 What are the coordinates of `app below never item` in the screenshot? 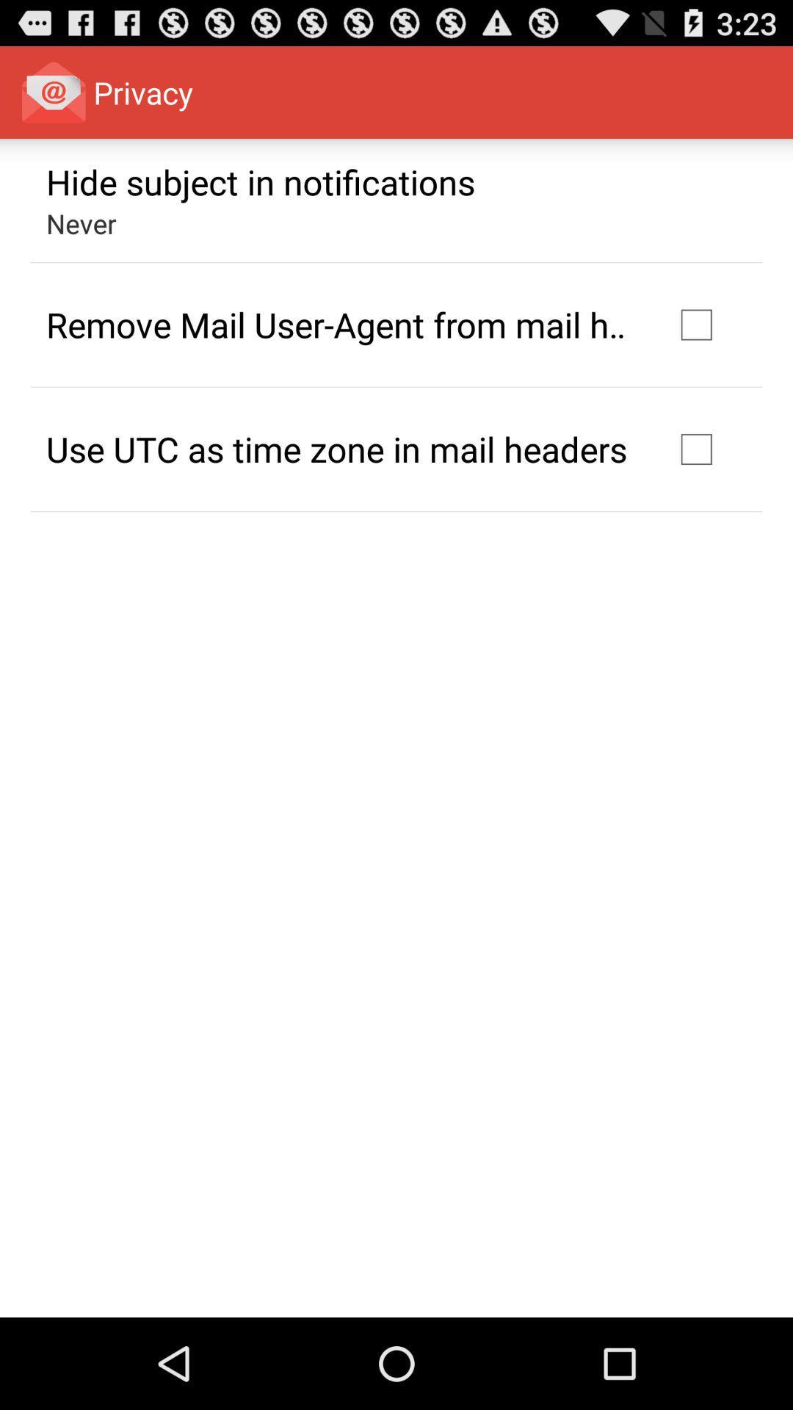 It's located at (340, 324).